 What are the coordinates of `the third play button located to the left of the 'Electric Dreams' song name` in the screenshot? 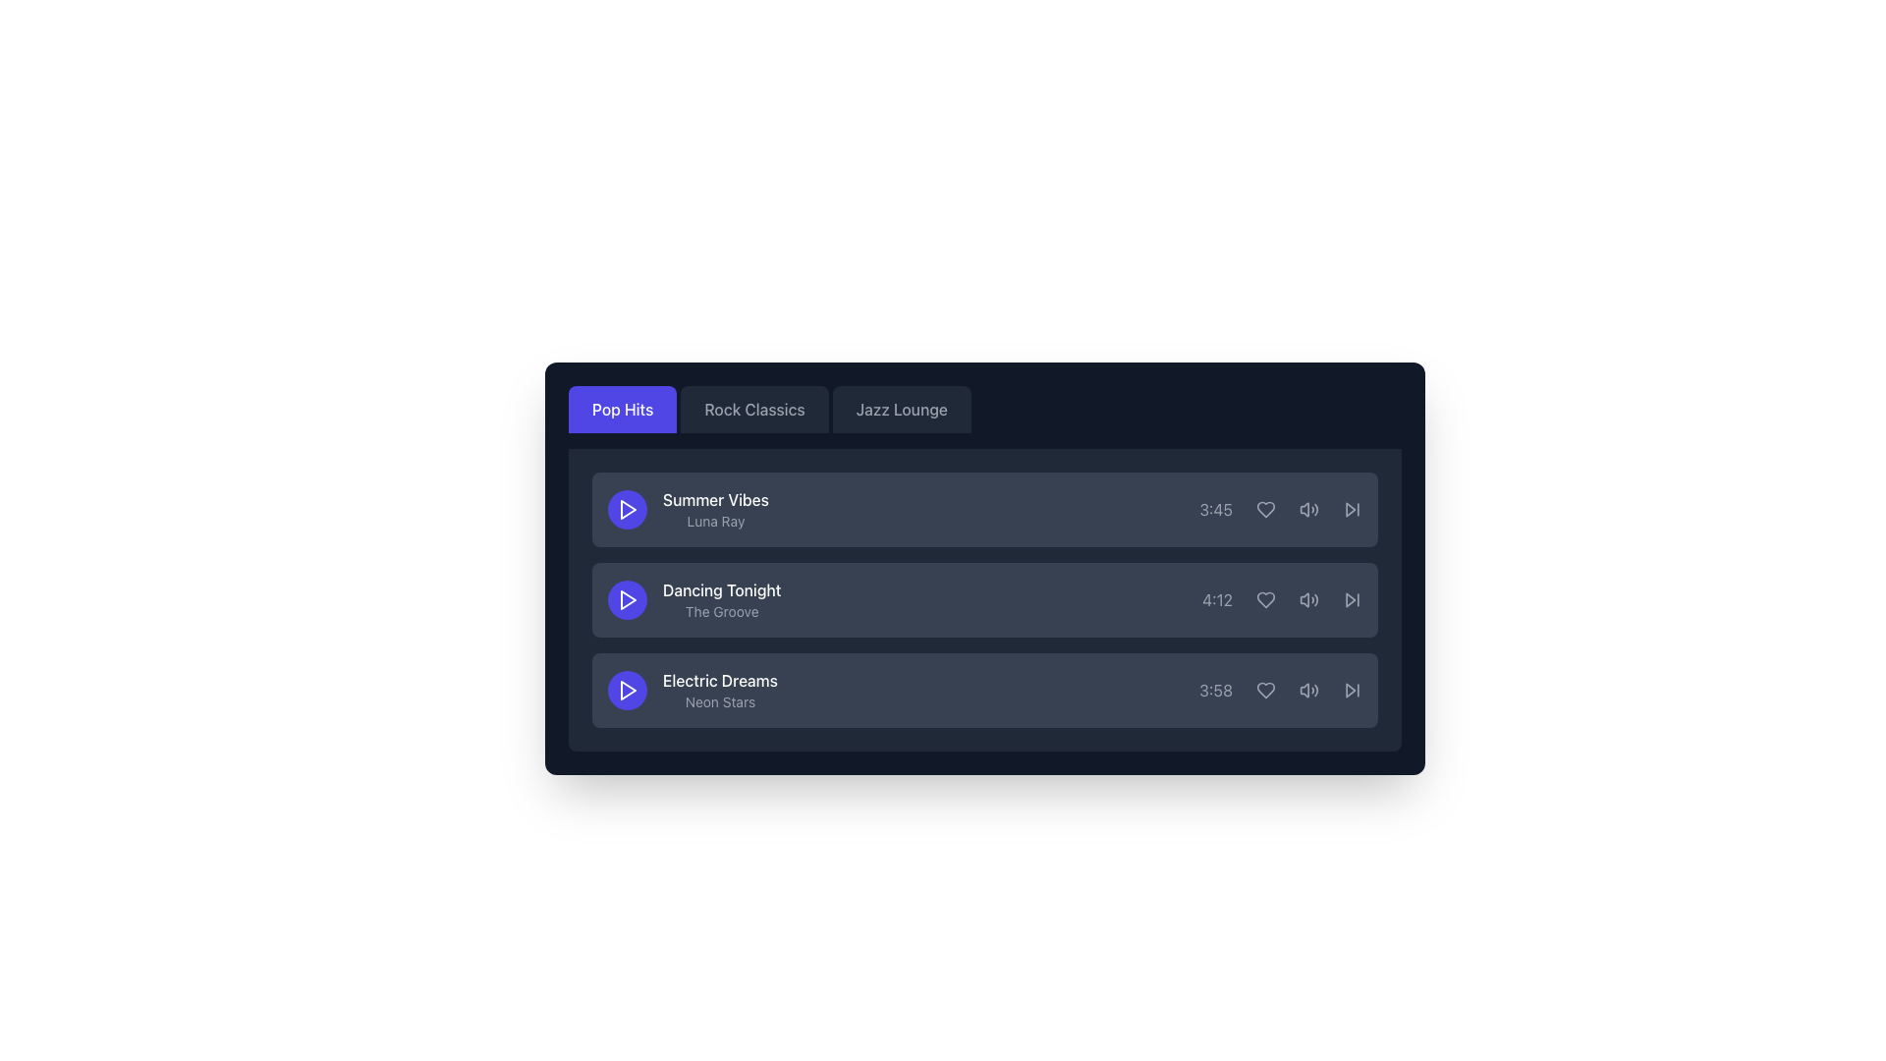 It's located at (627, 689).